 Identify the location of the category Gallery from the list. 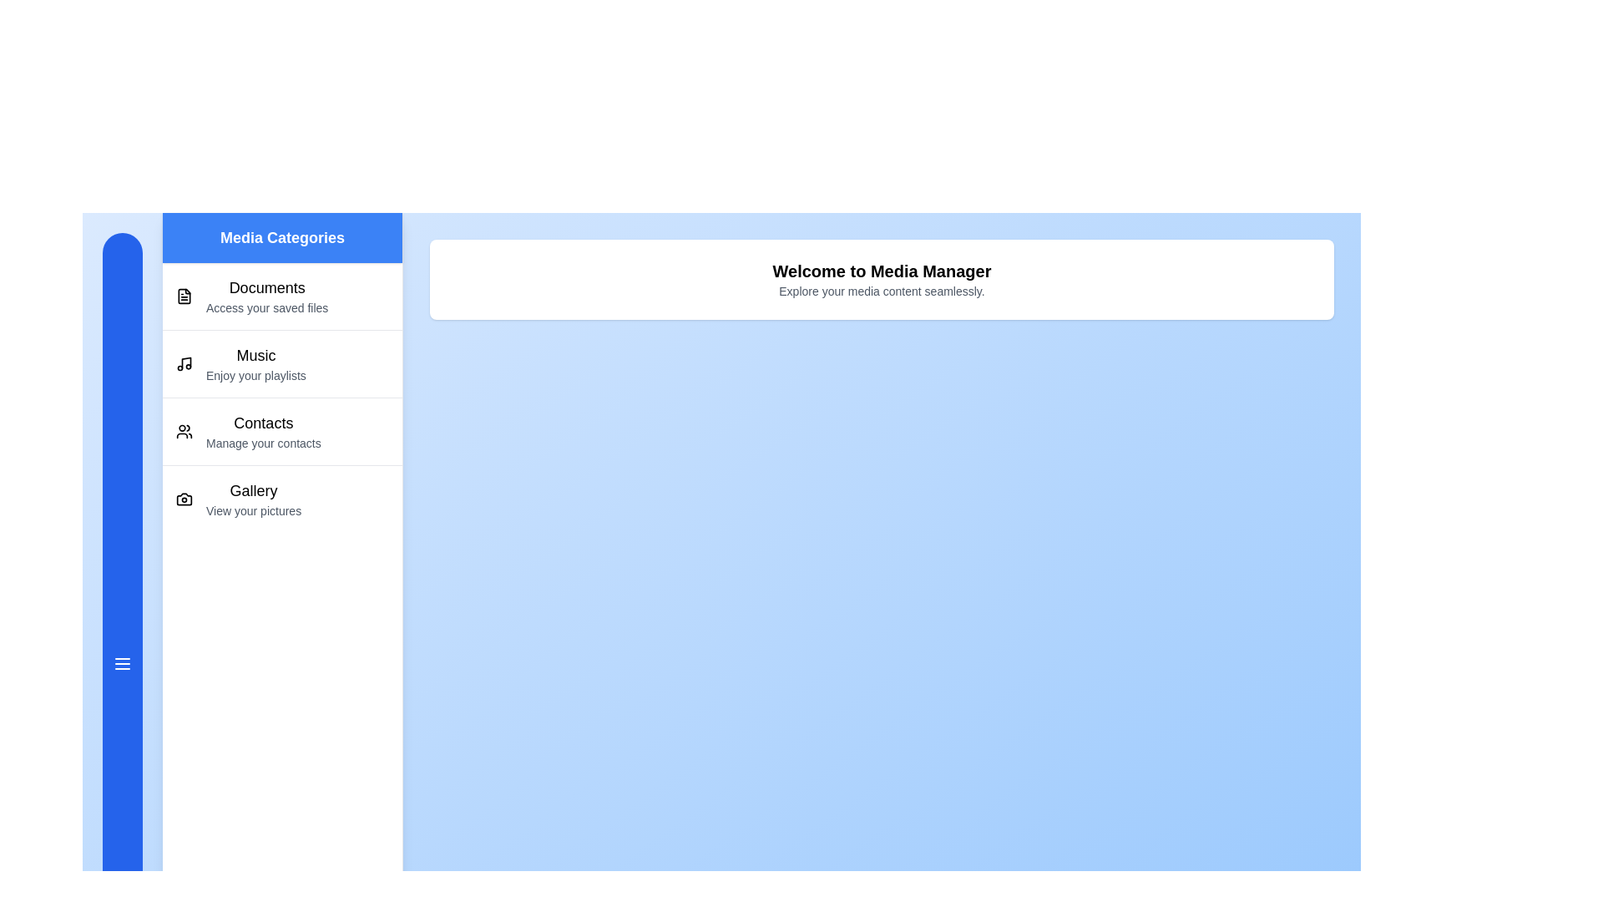
(282, 498).